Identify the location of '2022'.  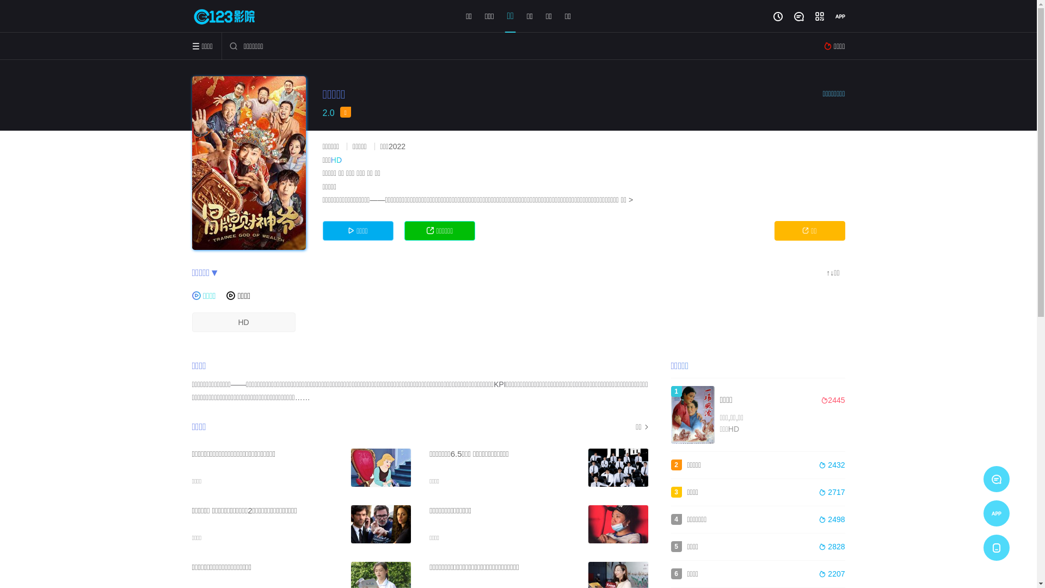
(396, 146).